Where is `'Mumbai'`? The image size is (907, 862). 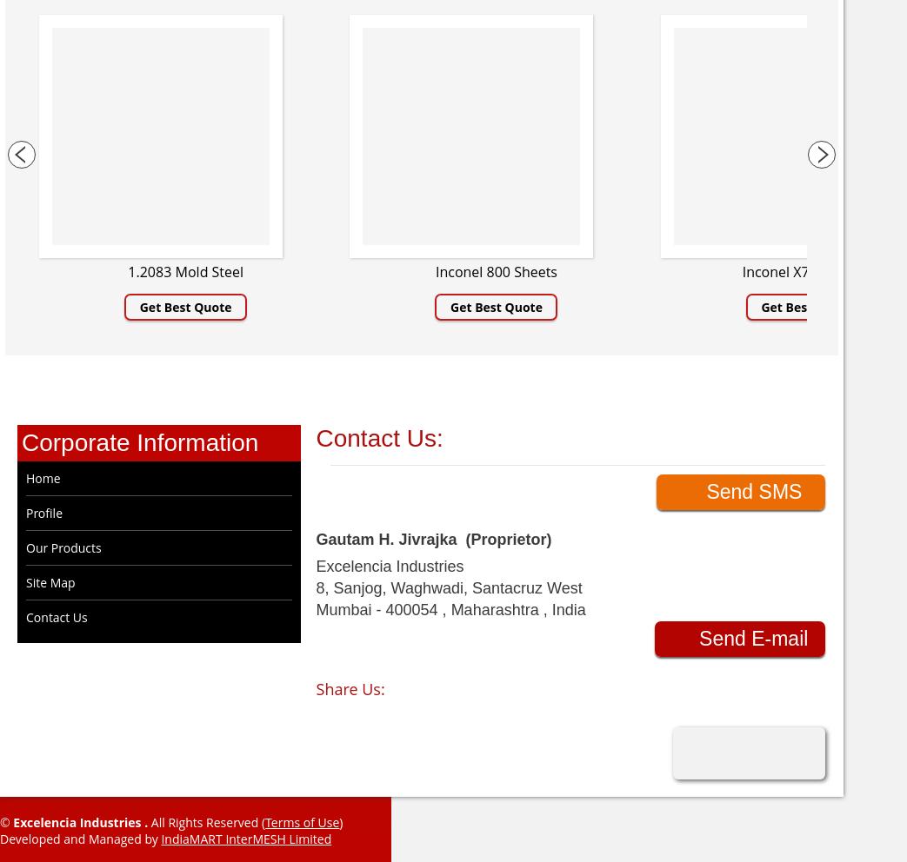
'Mumbai' is located at coordinates (314, 609).